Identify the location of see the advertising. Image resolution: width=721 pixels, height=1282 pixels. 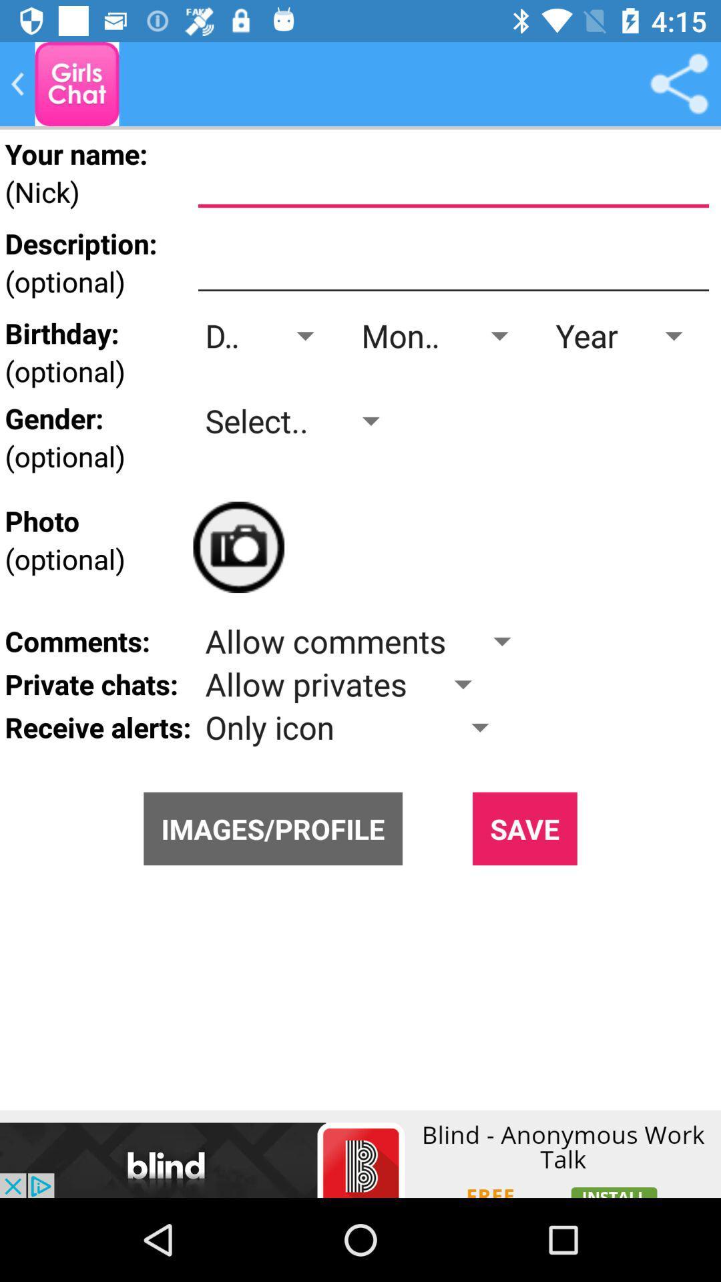
(360, 1153).